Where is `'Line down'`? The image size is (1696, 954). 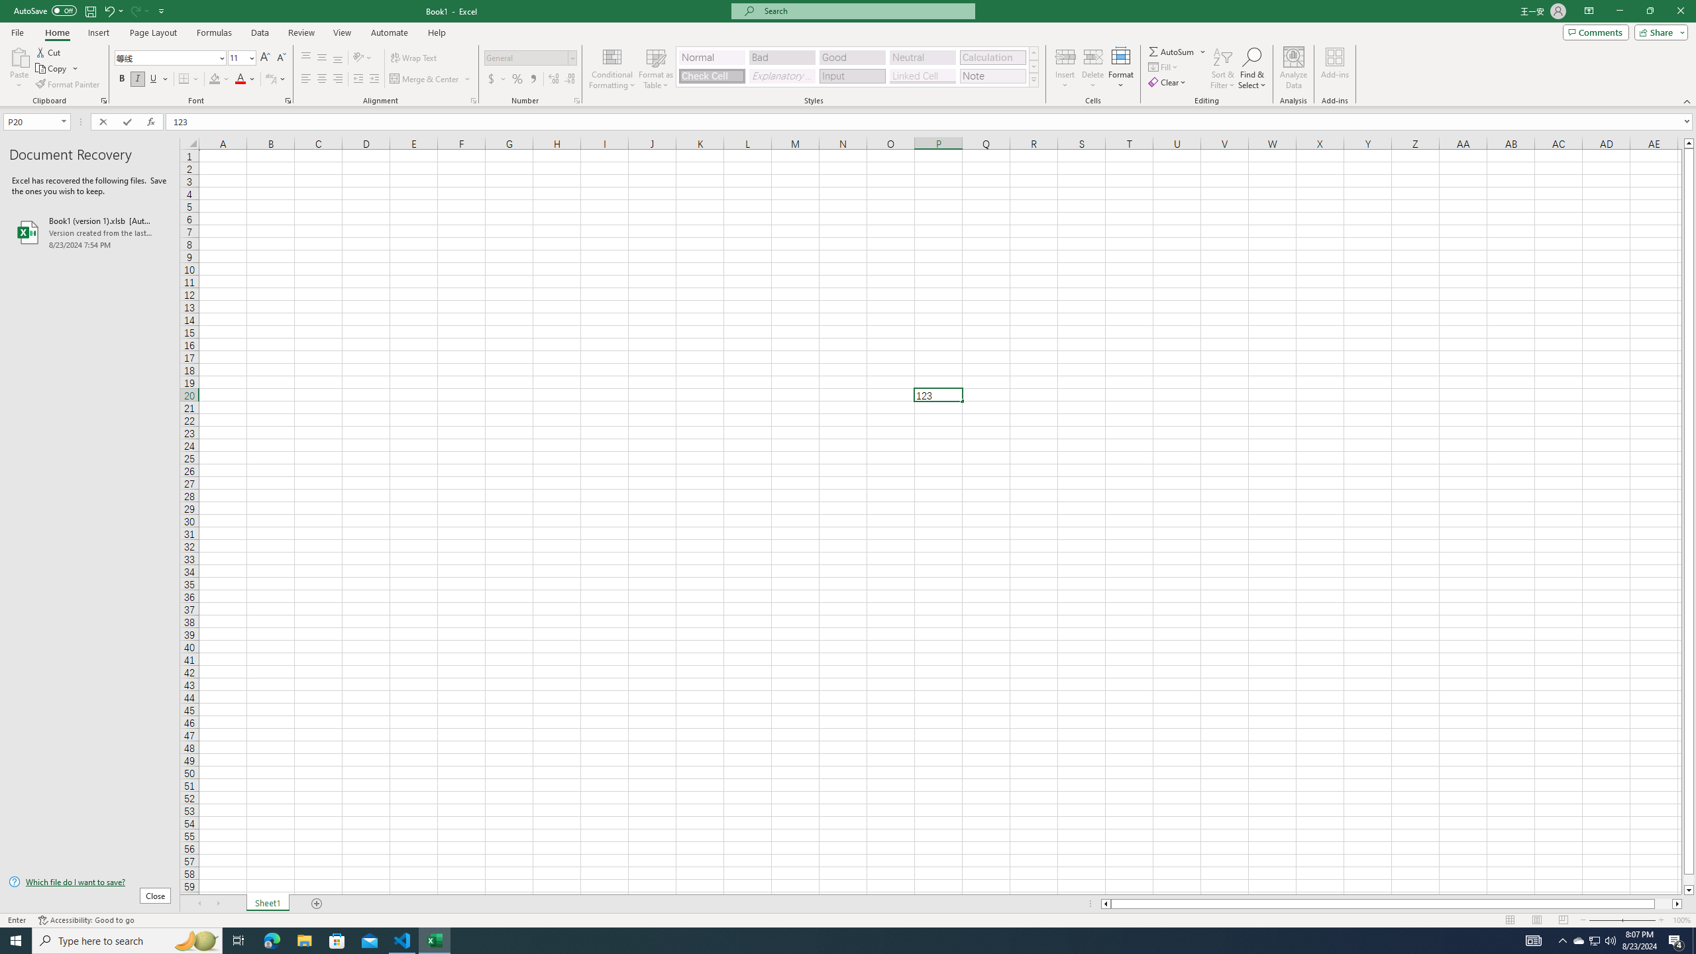
'Line down' is located at coordinates (1688, 890).